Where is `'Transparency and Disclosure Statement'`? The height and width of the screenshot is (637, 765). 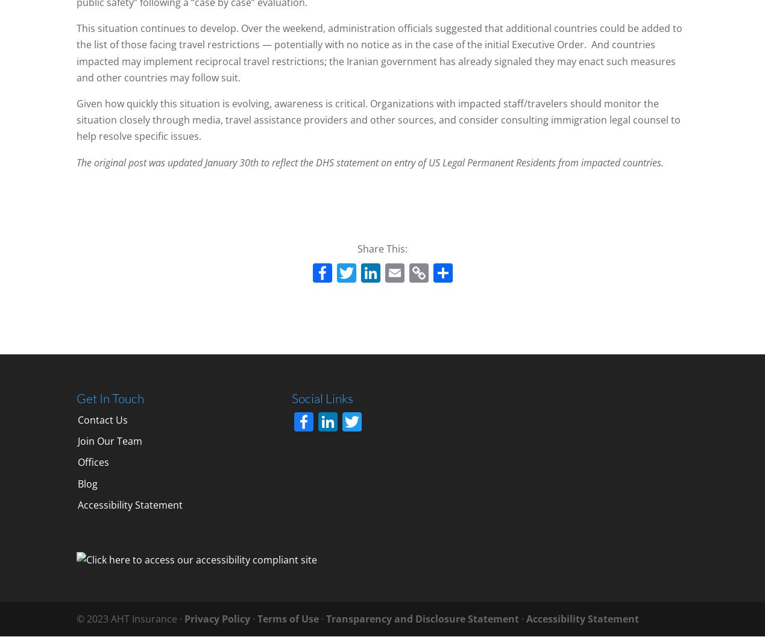 'Transparency and Disclosure Statement' is located at coordinates (421, 618).